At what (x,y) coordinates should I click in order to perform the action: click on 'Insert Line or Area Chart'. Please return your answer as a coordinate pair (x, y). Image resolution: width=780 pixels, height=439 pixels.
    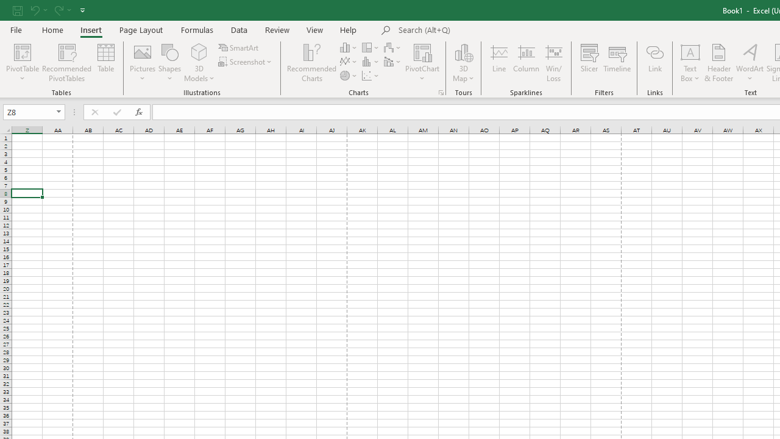
    Looking at the image, I should click on (349, 62).